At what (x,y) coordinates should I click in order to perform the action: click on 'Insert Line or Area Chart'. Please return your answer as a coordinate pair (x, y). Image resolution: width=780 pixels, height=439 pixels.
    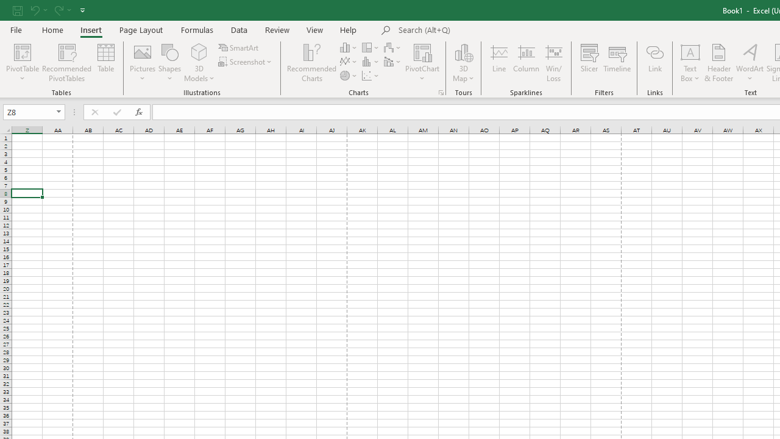
    Looking at the image, I should click on (349, 62).